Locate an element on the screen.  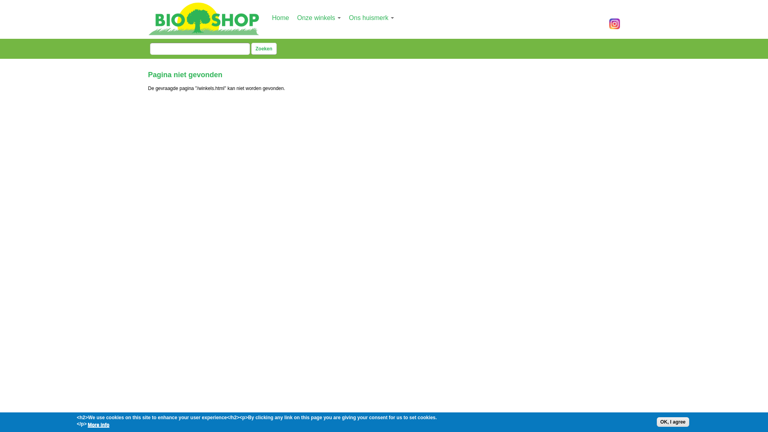
'Overslaan en naar de algemene inhoud gaan' is located at coordinates (376, 1).